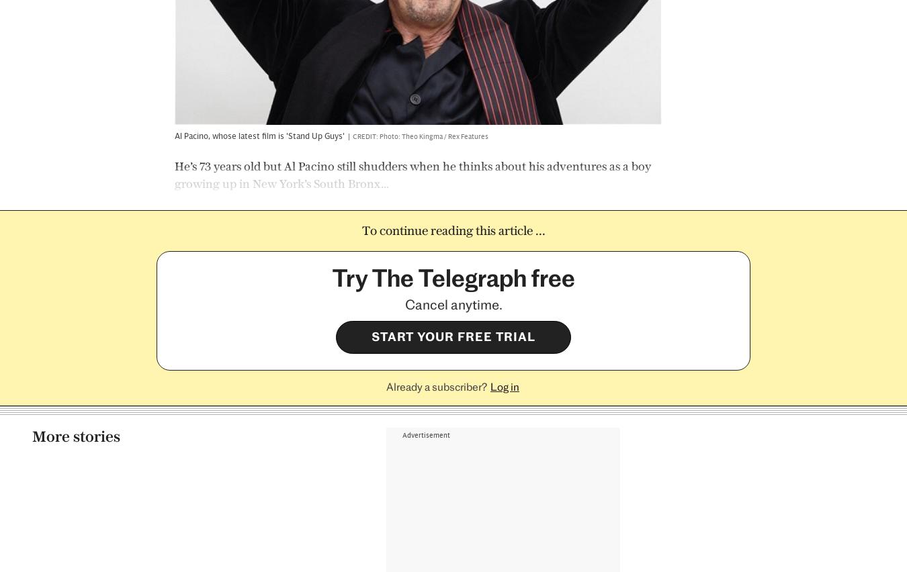 This screenshot has width=907, height=572. Describe the element at coordinates (94, 504) in the screenshot. I see `'Third Republican debate live: Nikki Haley calls Vivek Ramaswamy 'scum' after daughter jibe'` at that location.